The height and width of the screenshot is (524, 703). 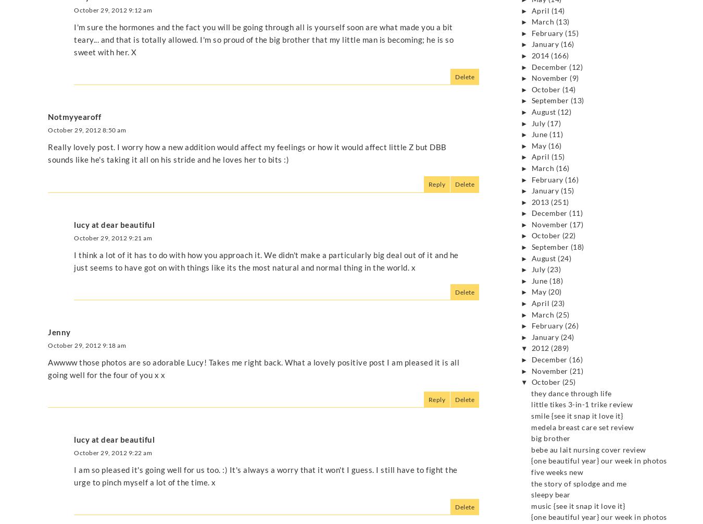 What do you see at coordinates (570, 78) in the screenshot?
I see `'(9)'` at bounding box center [570, 78].